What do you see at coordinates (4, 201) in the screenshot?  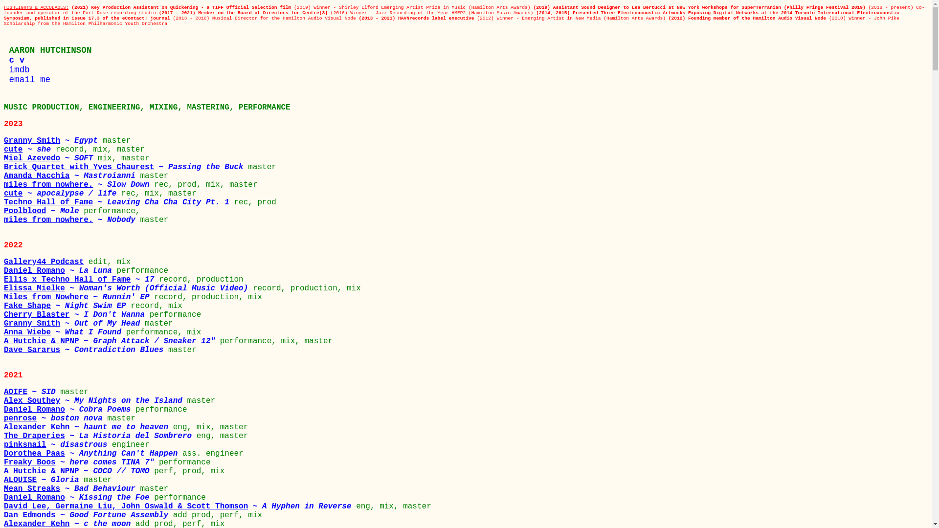 I see `'Techno Hall of Fame ~ Leaving Cha Cha City Pt. 1'` at bounding box center [4, 201].